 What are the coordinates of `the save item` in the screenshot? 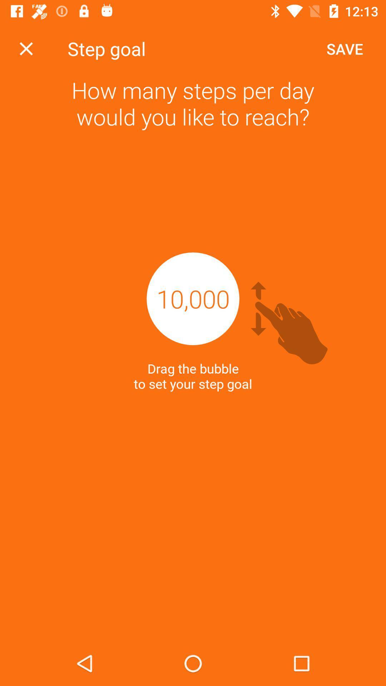 It's located at (344, 48).